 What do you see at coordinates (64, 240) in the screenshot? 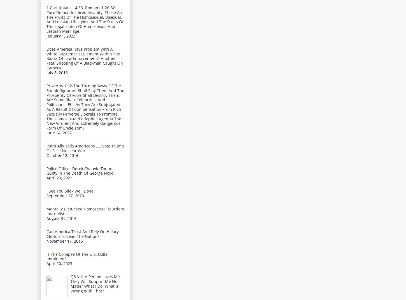
I see `'November 17, 2015'` at bounding box center [64, 240].